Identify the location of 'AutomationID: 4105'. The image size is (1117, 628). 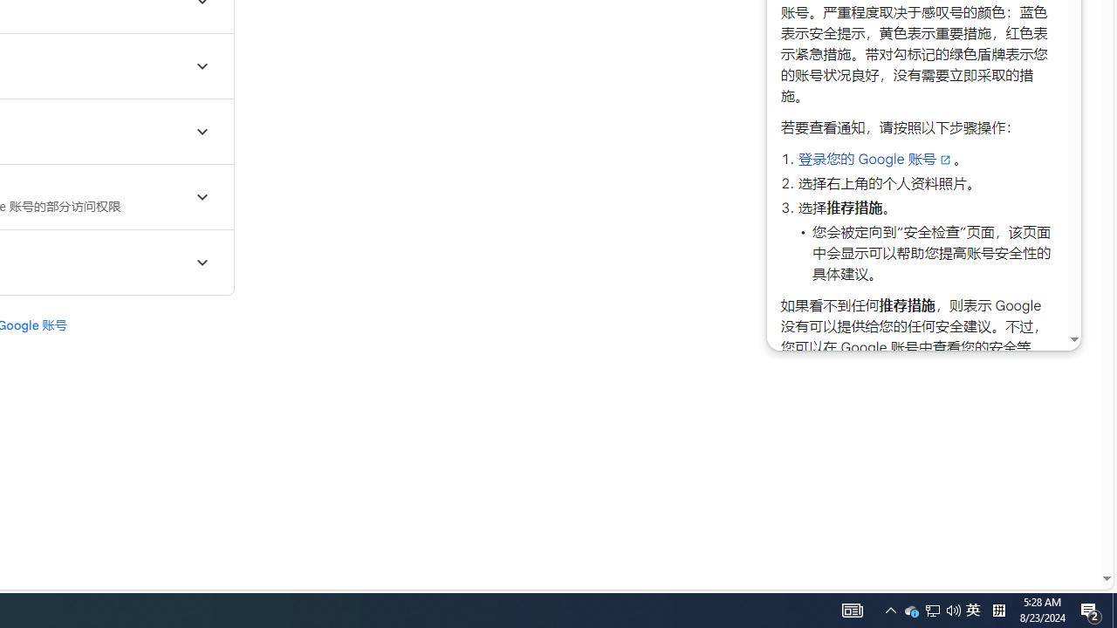
(931, 609).